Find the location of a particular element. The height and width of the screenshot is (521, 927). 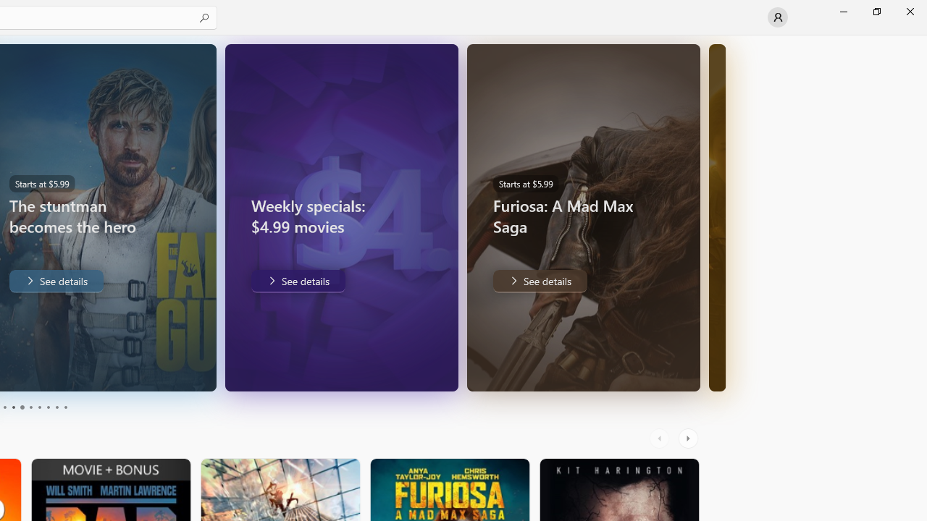

'Page 8' is located at coordinates (47, 407).